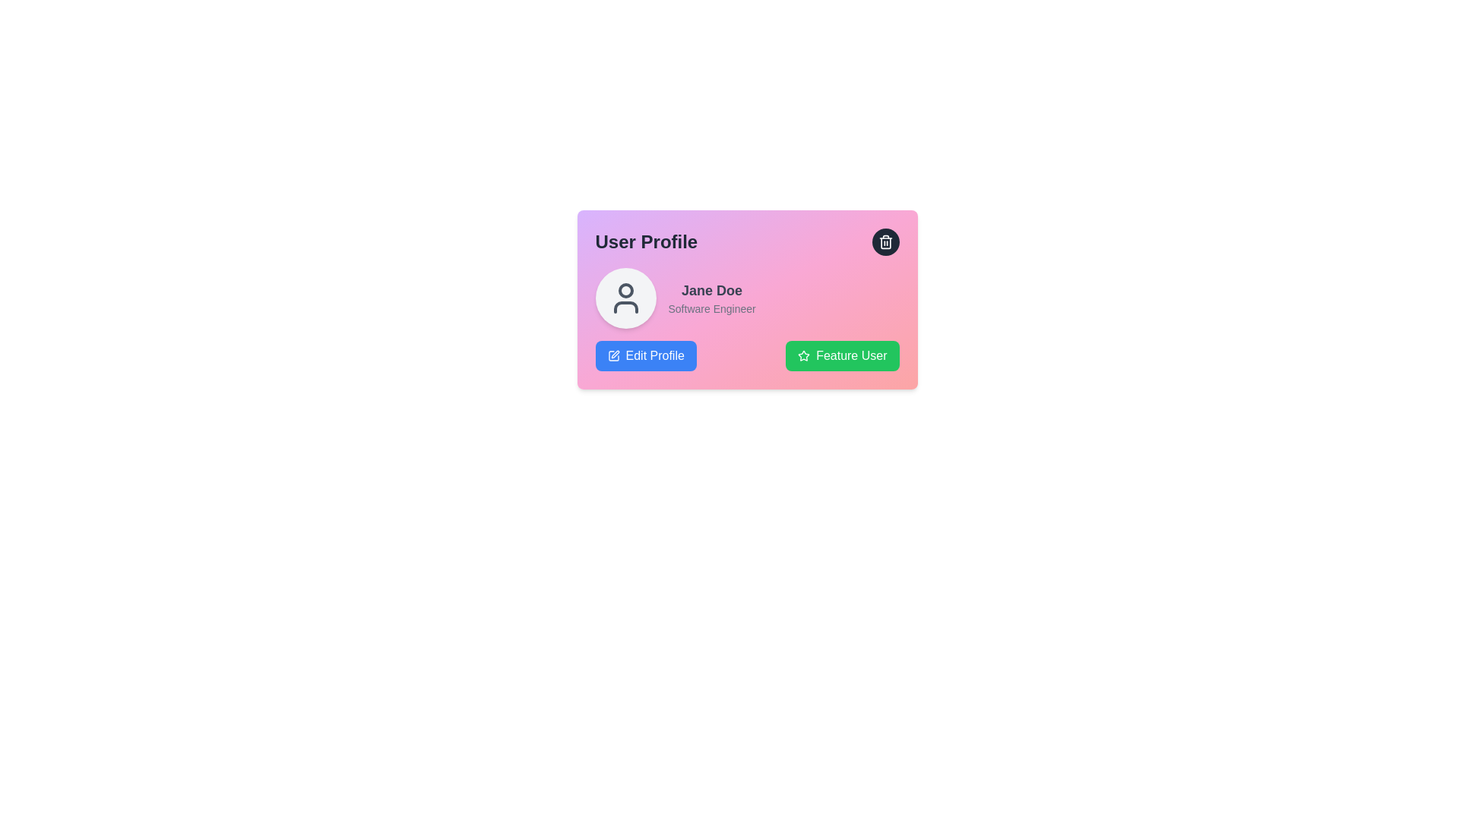 The height and width of the screenshot is (820, 1459). What do you see at coordinates (803, 356) in the screenshot?
I see `the star icon located inside the green button, to the left of the 'Feature User' text` at bounding box center [803, 356].